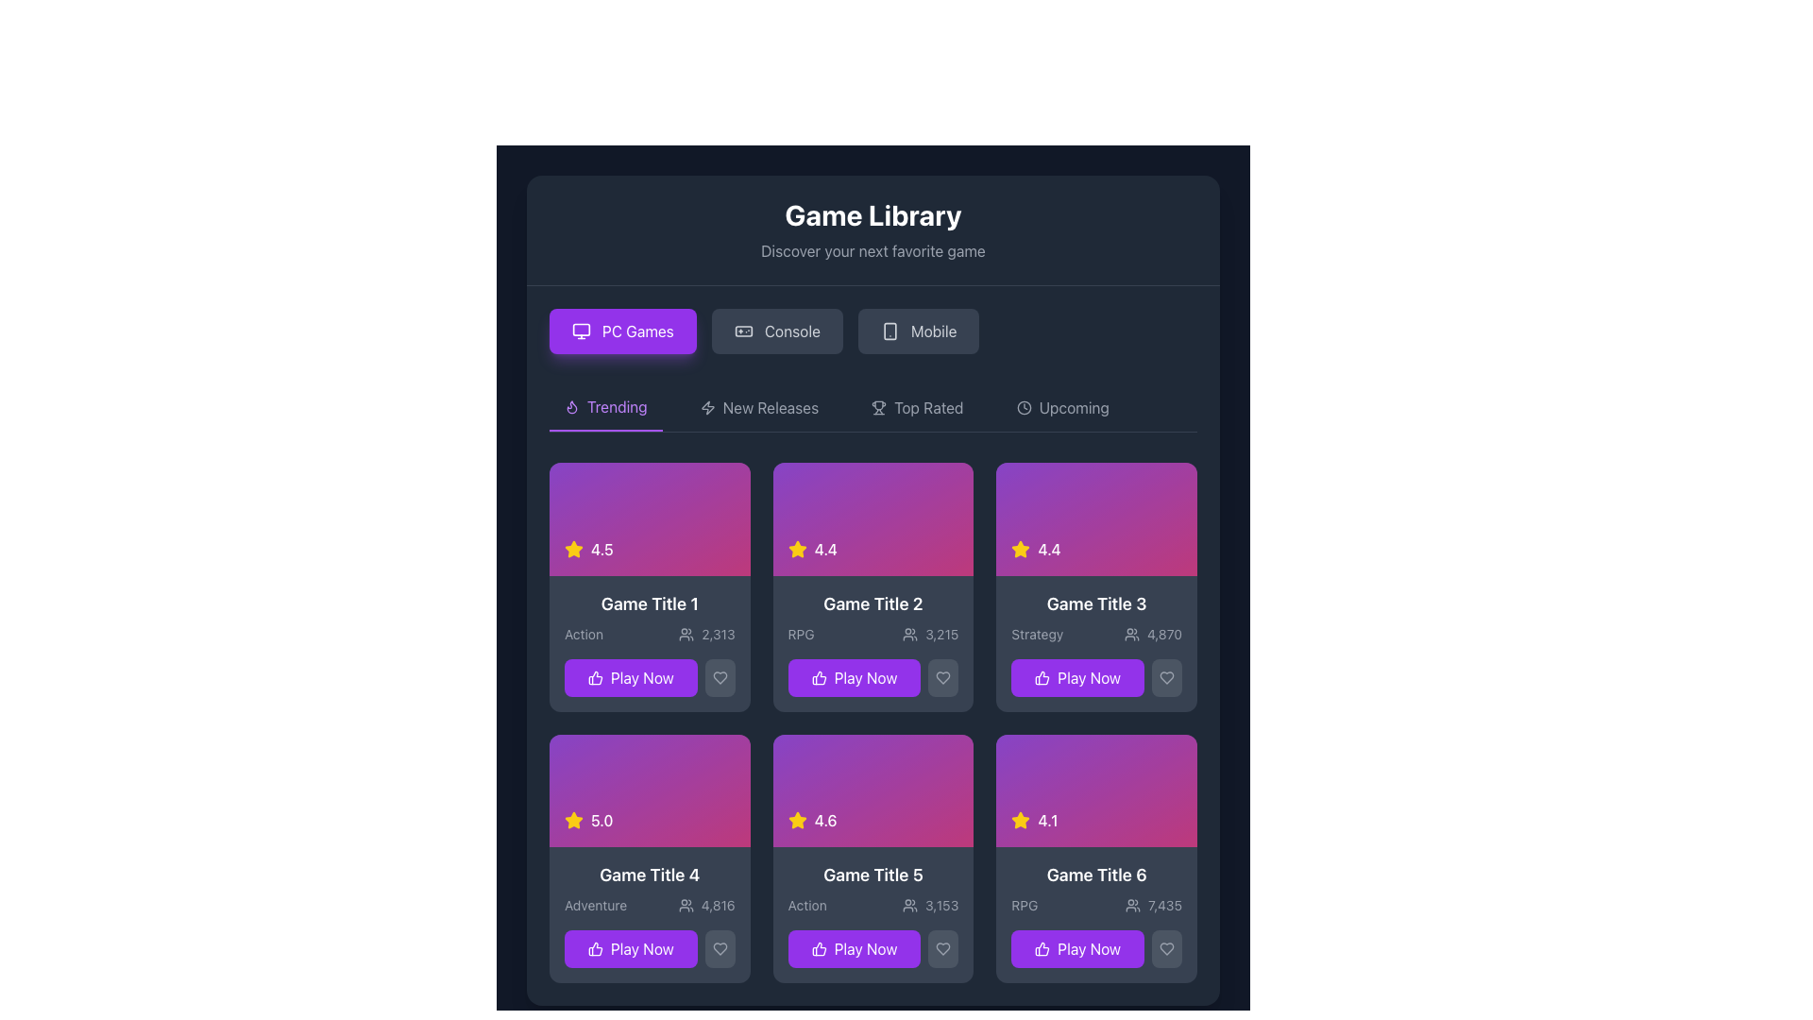 The image size is (1813, 1020). I want to click on information displayed on the Game card identified by the title 'Game Title 5', which is the fifth card in the grid layout, so click(873, 858).